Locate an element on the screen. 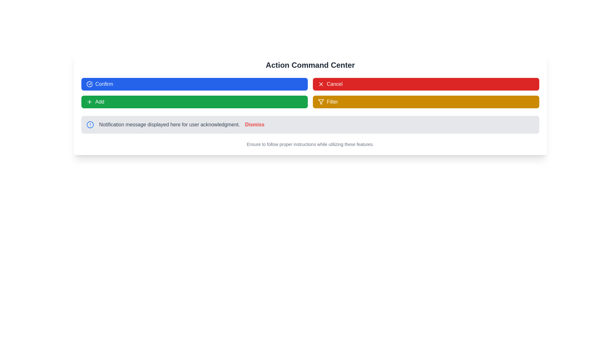 The width and height of the screenshot is (608, 342). the confirmation icon located at the top-left corner of the 'Confirm' button, which visually represents a confirmation action is located at coordinates (89, 84).